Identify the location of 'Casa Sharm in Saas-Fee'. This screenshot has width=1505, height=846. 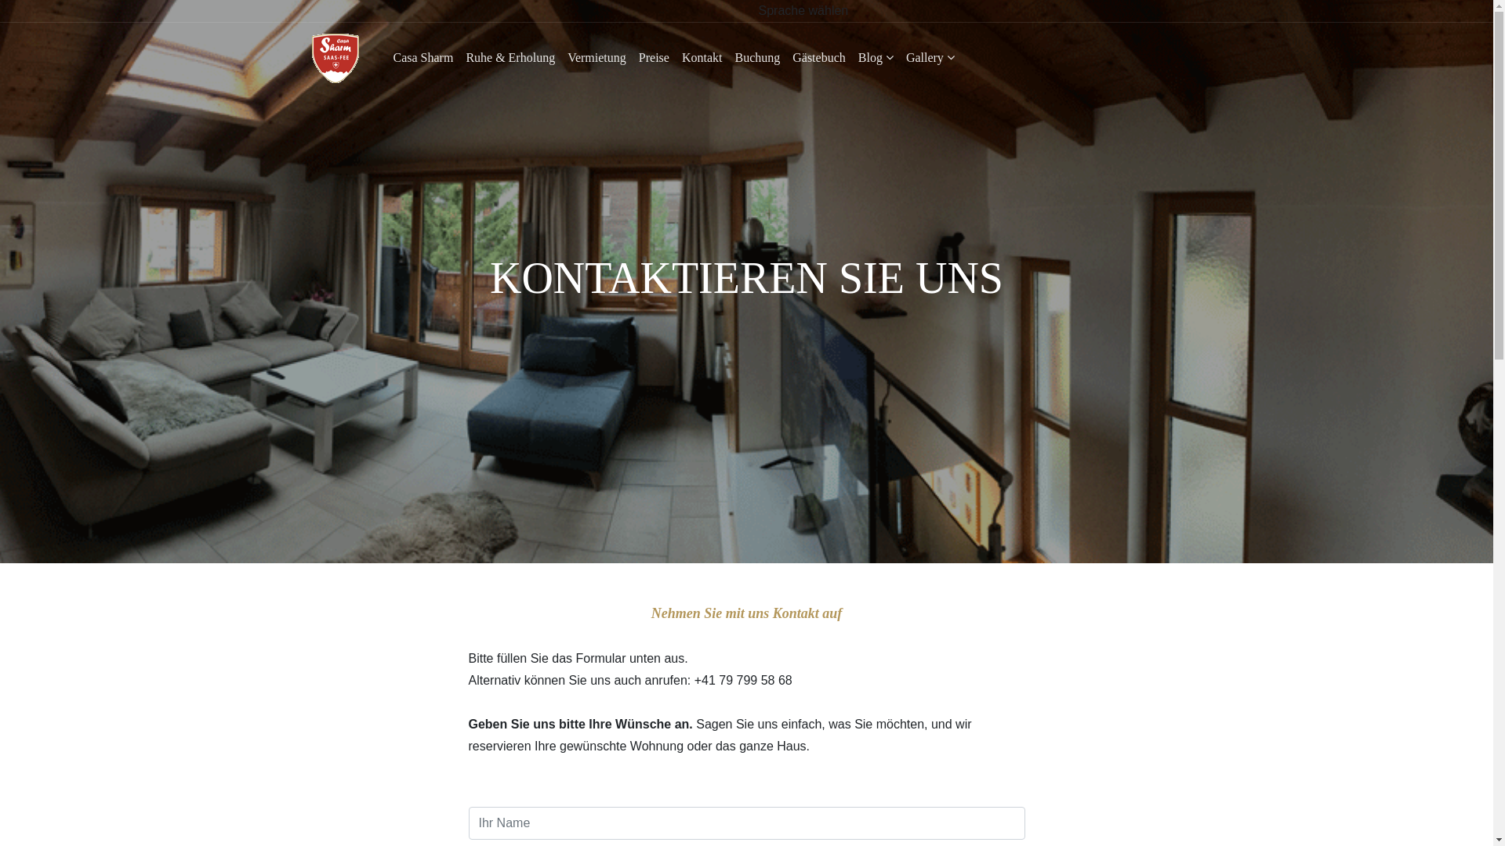
(334, 56).